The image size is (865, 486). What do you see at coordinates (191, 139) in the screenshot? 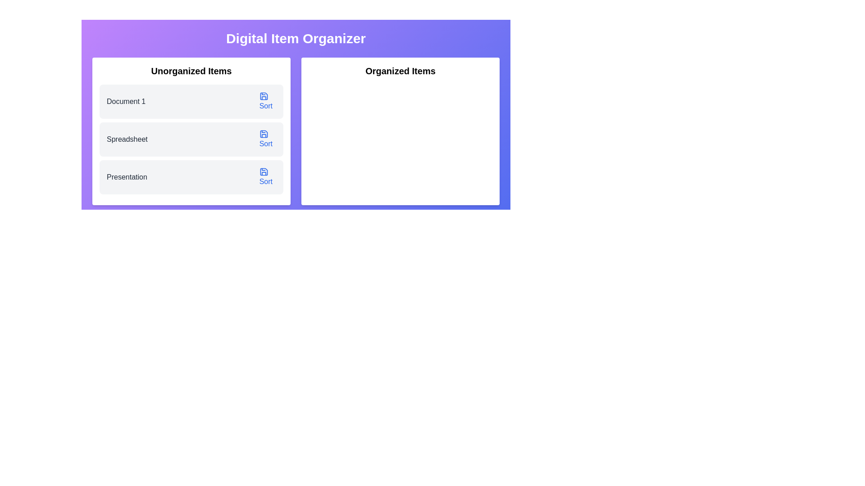
I see `the content of the List item with the text 'Spreadsheet' on the left and a blue clickable 'Sort' text on the right, located in the second row of the 'Unorganized Items' section` at bounding box center [191, 139].